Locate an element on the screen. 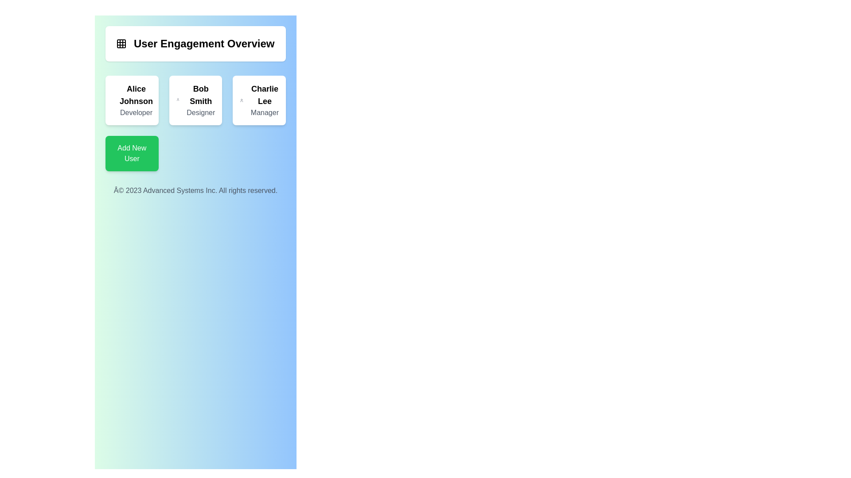 This screenshot has width=851, height=478. text label displaying the name of an individual located in the top-right card of the 'User Engagement Overview' section is located at coordinates (264, 95).